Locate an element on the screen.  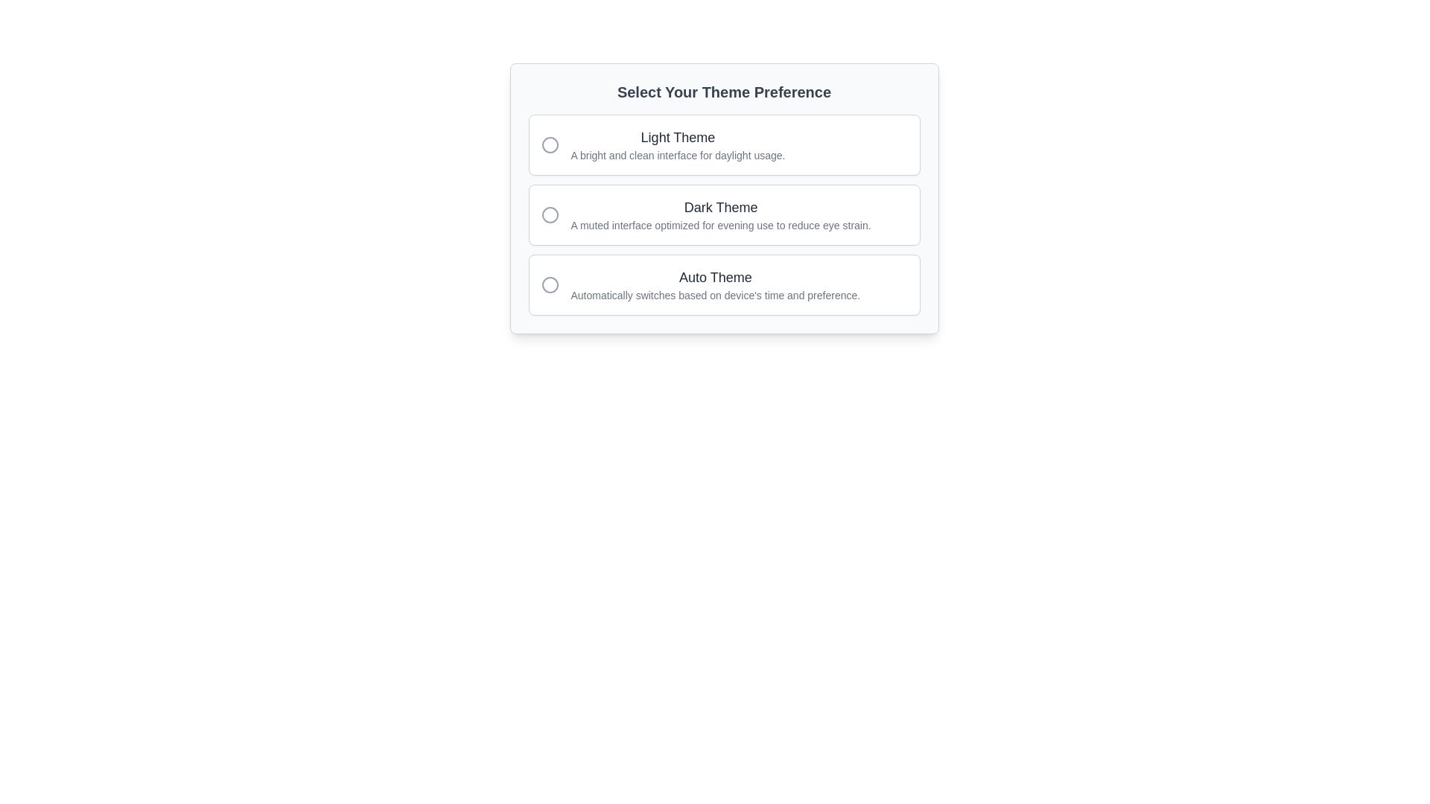
the text label that reads 'A bright and clean interface for daylight usage.' positioned below the heading 'Light Theme' within the selection card is located at coordinates (677, 155).